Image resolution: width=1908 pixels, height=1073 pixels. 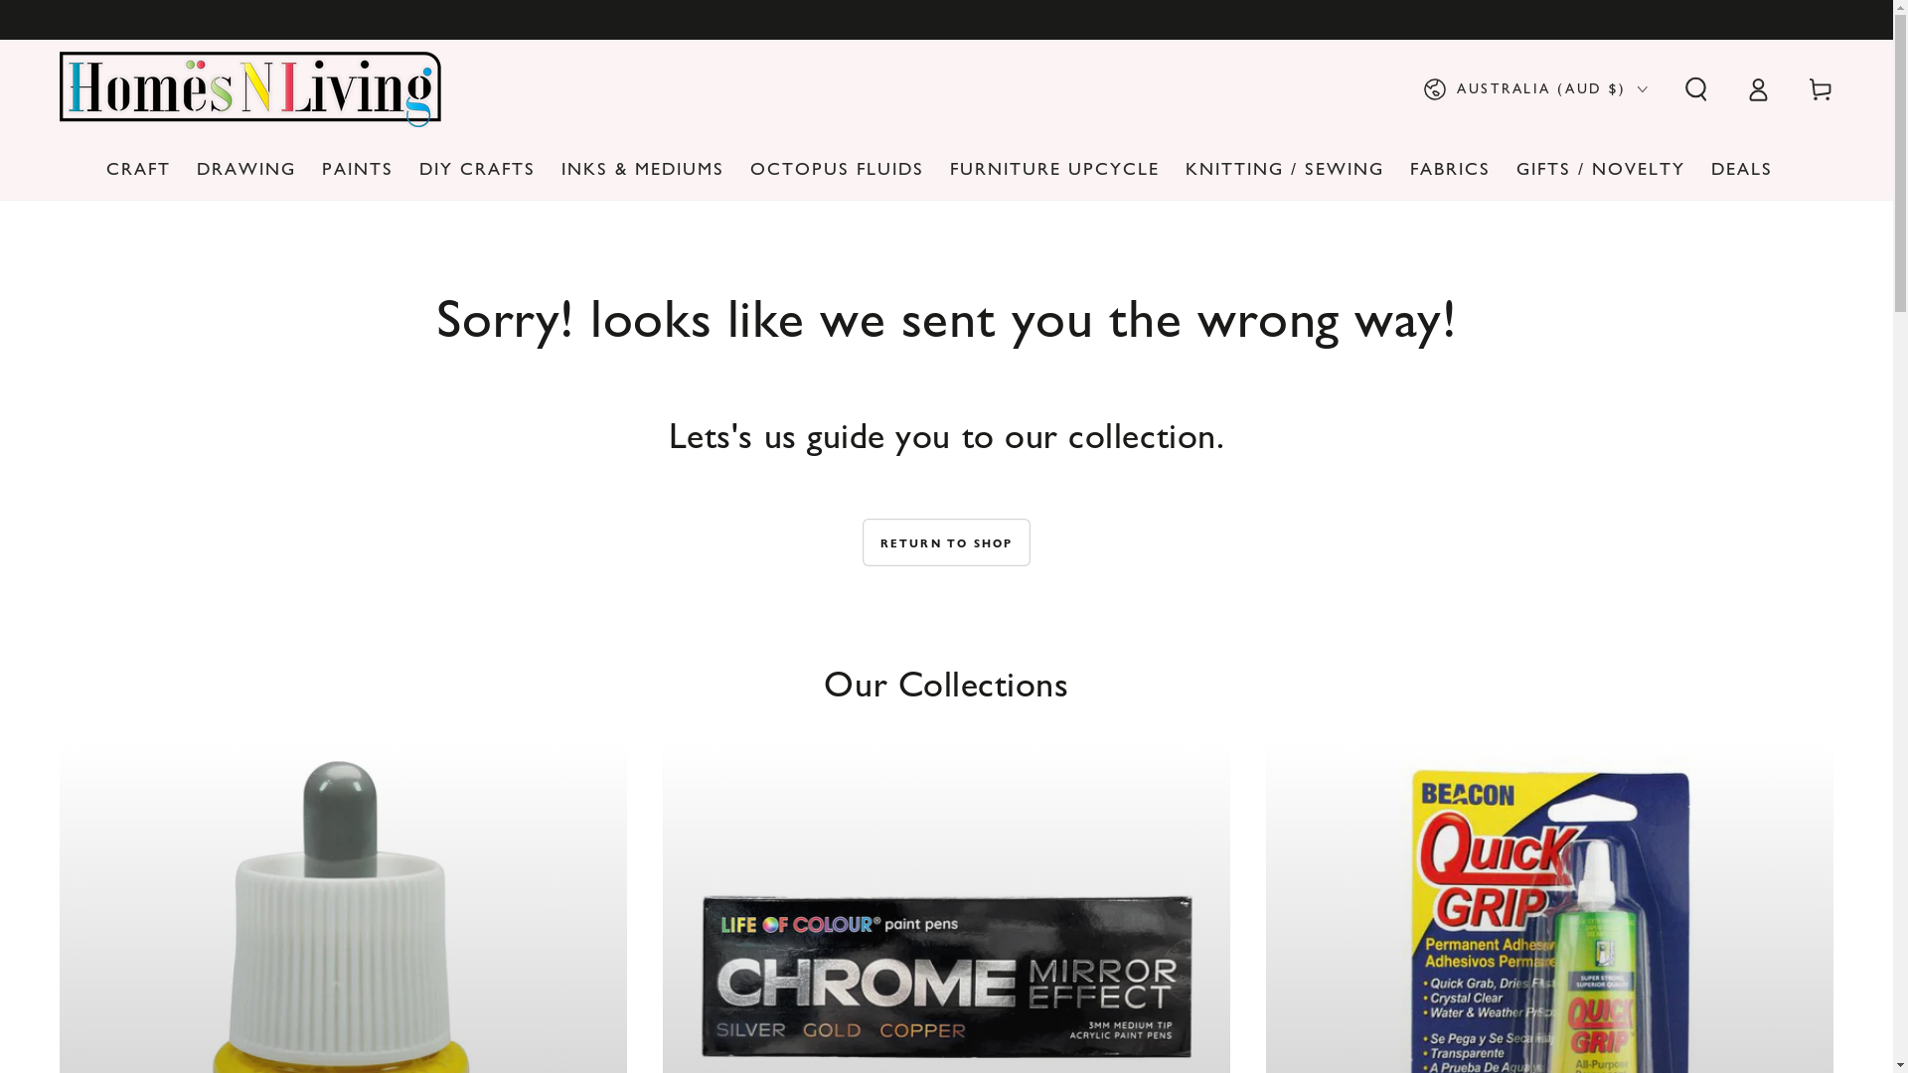 What do you see at coordinates (137, 168) in the screenshot?
I see `'CRAFT'` at bounding box center [137, 168].